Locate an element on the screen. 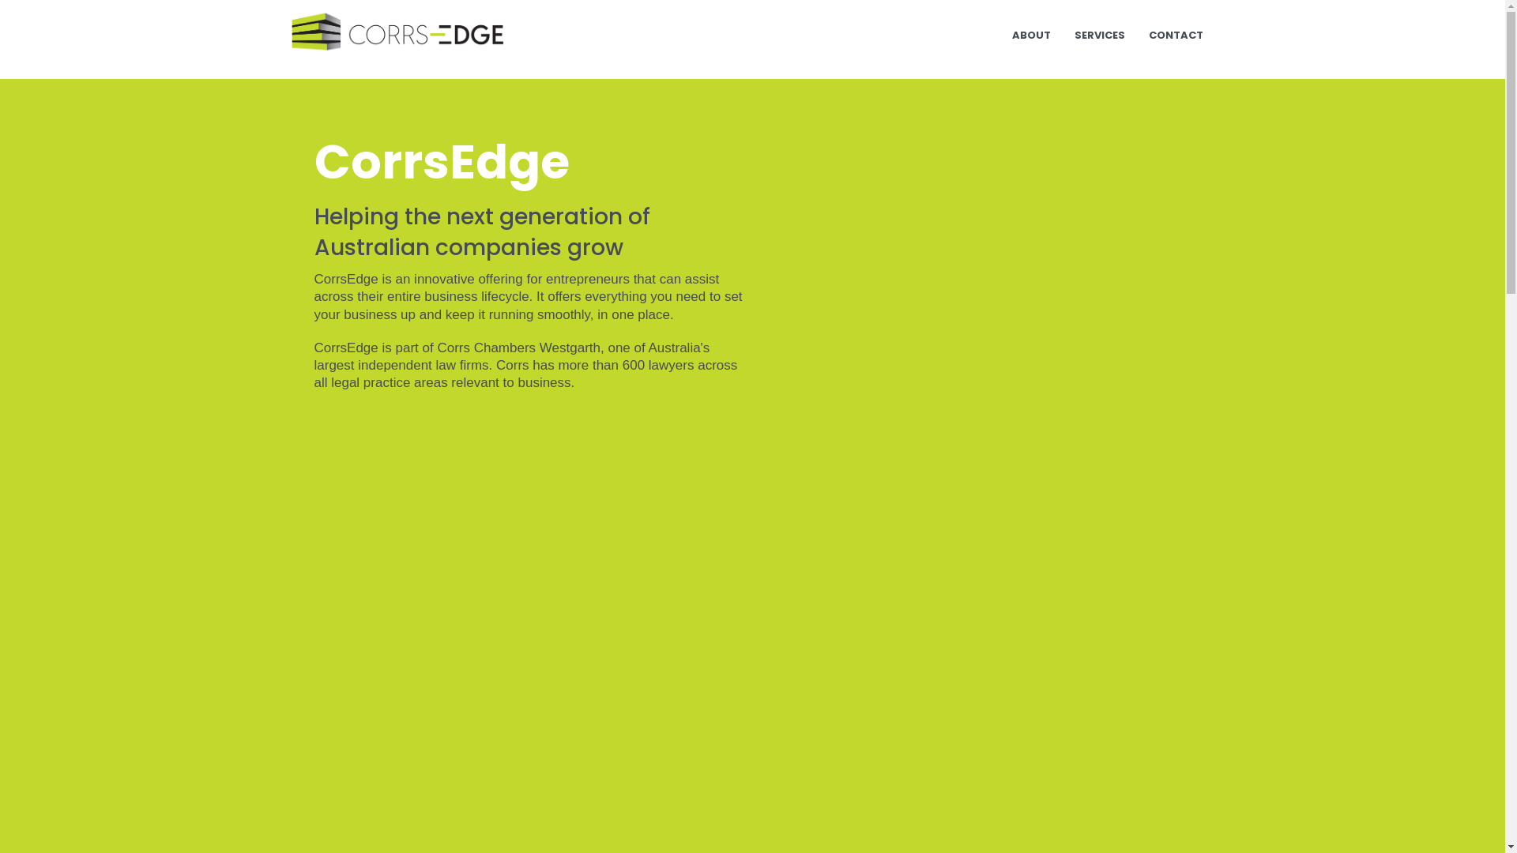 The image size is (1517, 853). 'ABOUT' is located at coordinates (1031, 36).